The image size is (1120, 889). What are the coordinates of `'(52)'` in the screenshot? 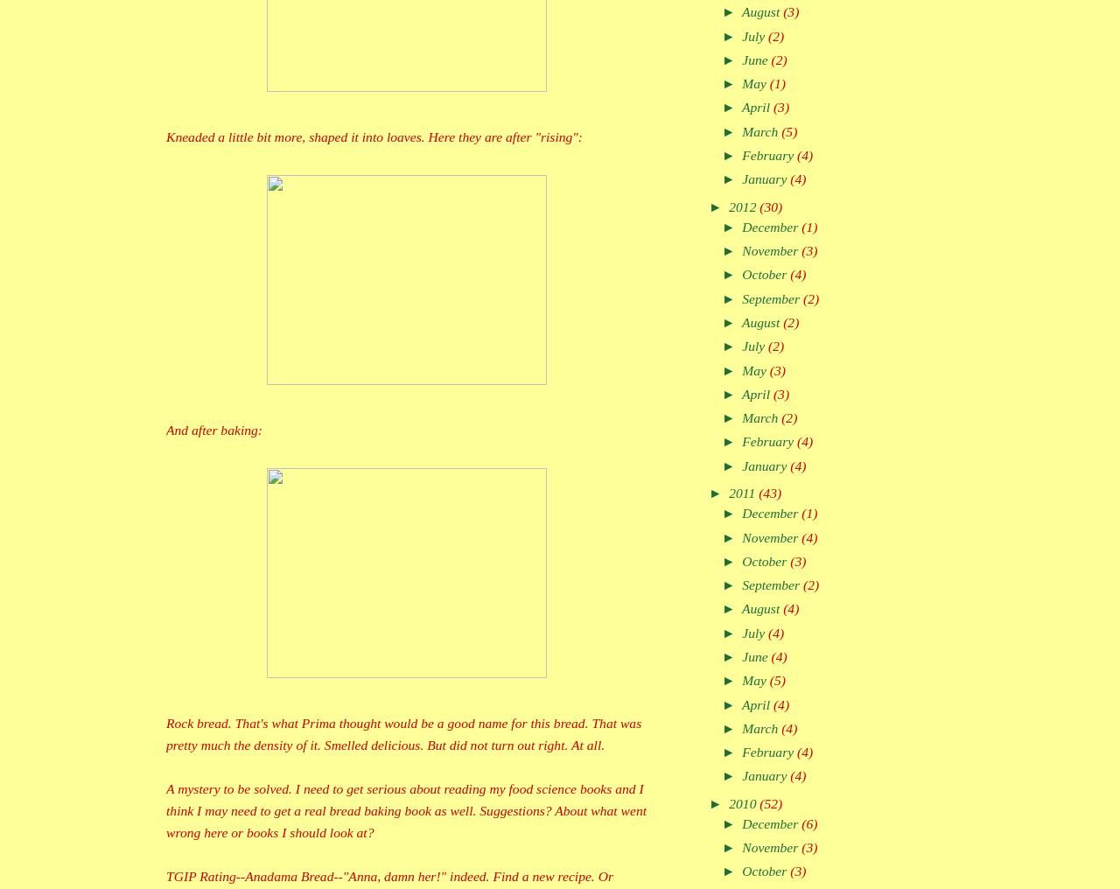 It's located at (770, 801).